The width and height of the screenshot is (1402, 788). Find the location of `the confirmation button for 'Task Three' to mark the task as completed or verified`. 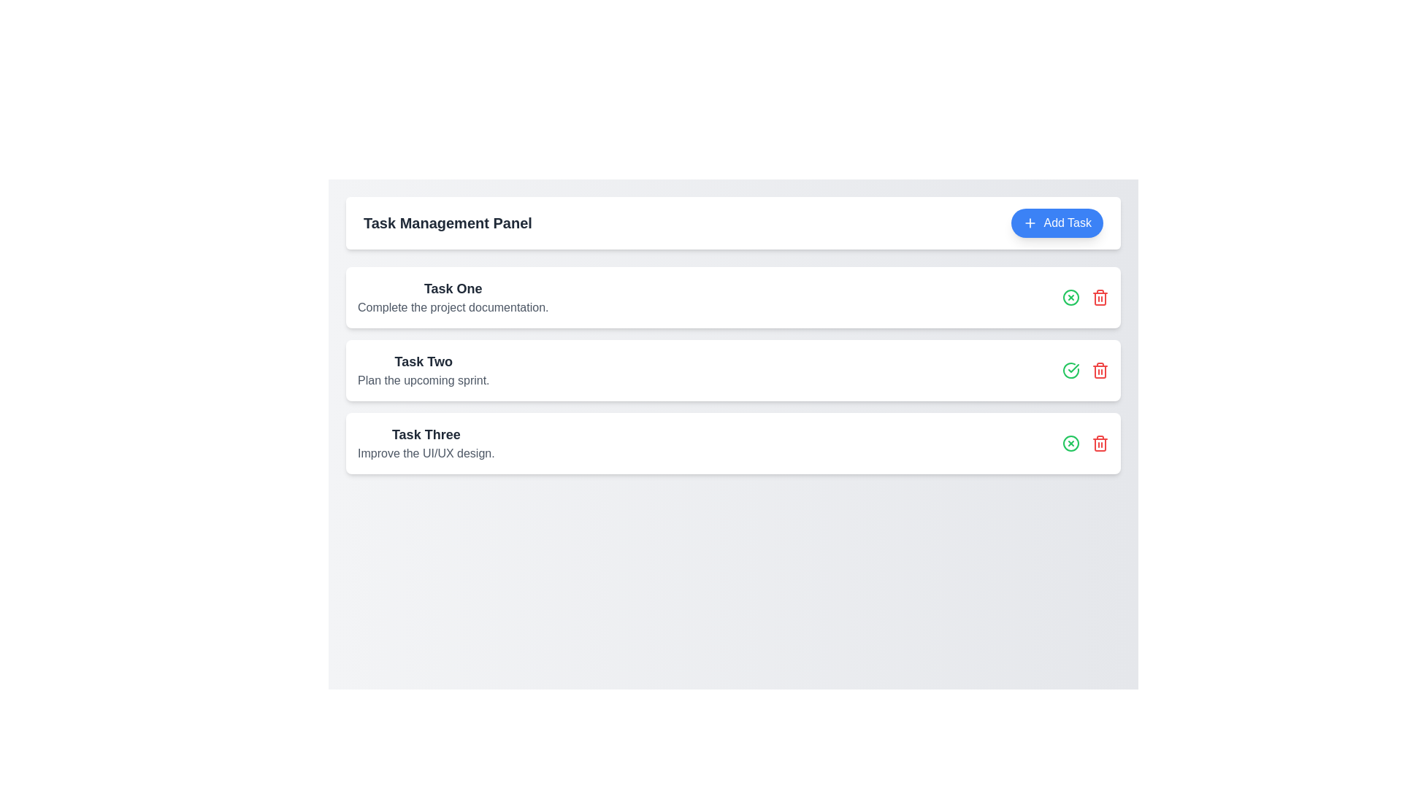

the confirmation button for 'Task Three' to mark the task as completed or verified is located at coordinates (1071, 443).